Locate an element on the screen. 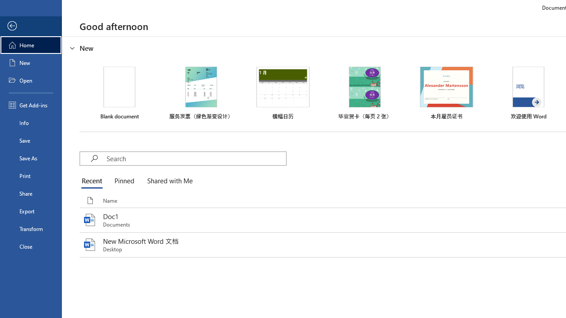 The height and width of the screenshot is (318, 566). 'New' is located at coordinates (31, 62).